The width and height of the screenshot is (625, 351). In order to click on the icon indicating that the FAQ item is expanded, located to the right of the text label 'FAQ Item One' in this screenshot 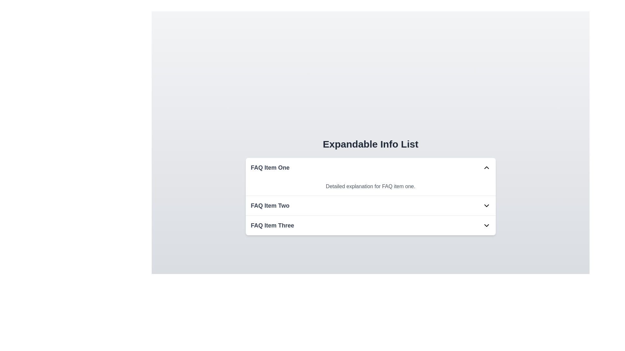, I will do `click(486, 167)`.